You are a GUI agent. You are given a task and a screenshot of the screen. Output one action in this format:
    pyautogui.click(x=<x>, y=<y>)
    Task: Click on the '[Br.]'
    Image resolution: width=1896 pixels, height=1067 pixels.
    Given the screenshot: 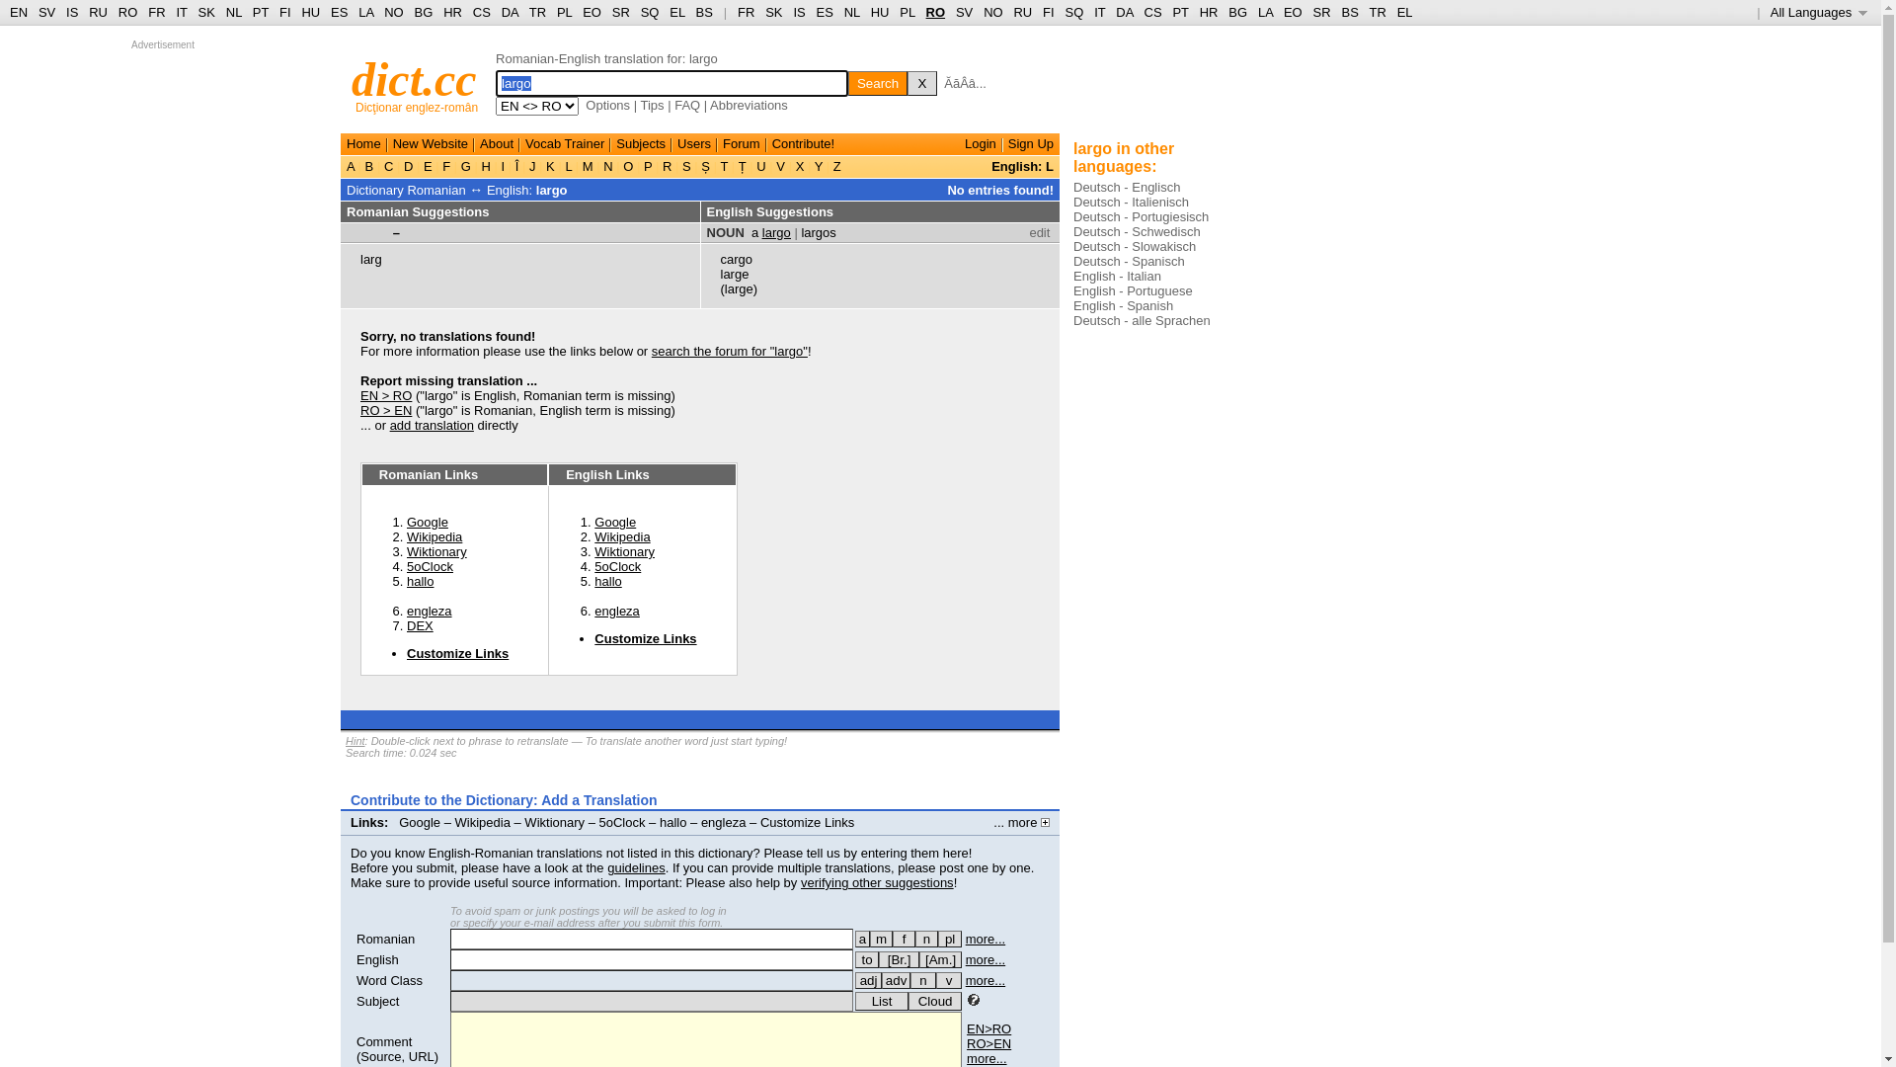 What is the action you would take?
    pyautogui.click(x=898, y=958)
    